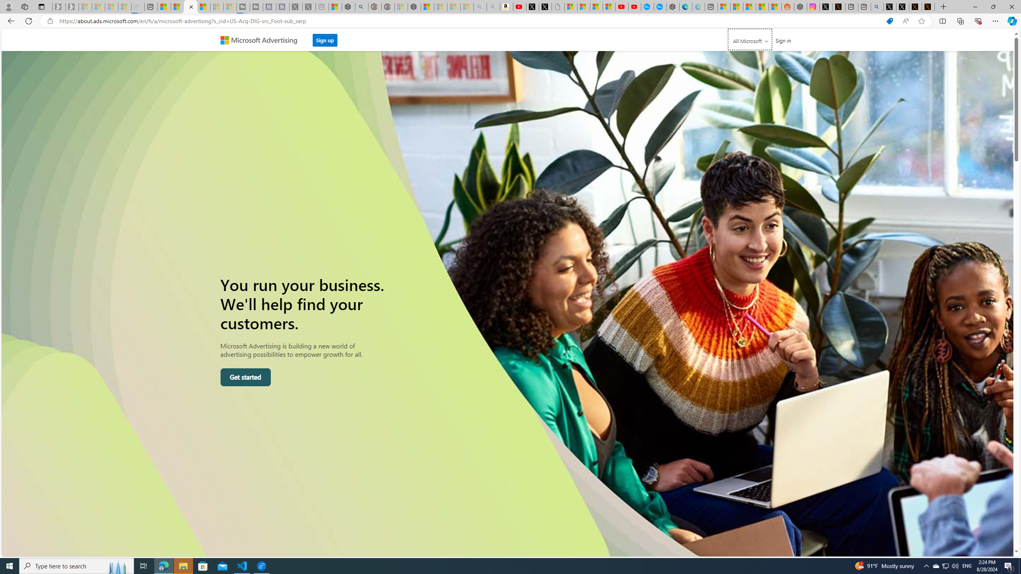  I want to click on 'Streaming Coverage | T3 - Sleeping', so click(243, 6).